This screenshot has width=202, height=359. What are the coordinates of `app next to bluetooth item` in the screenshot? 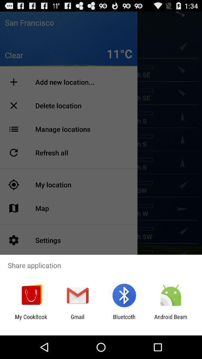 It's located at (171, 320).